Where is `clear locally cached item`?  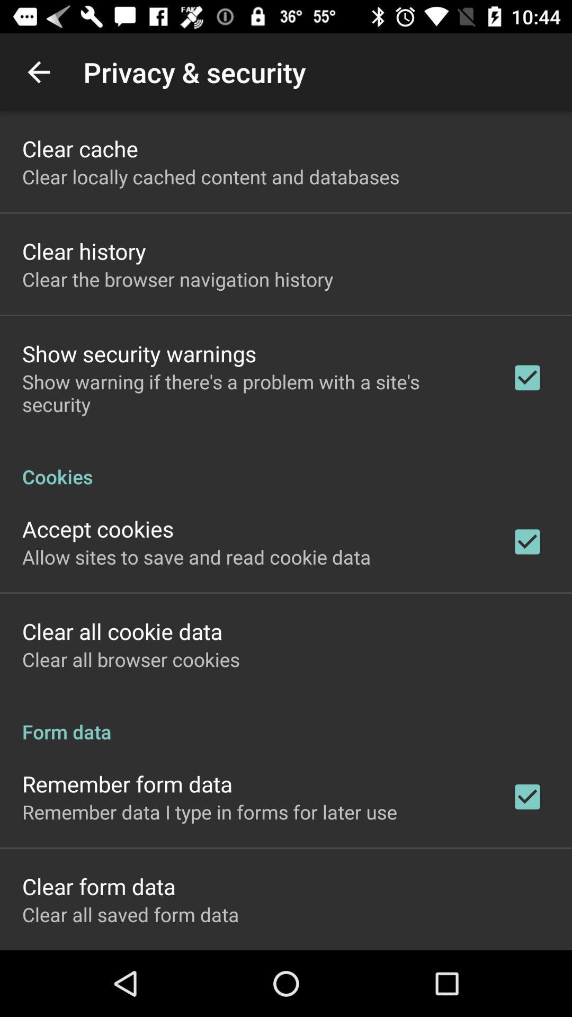 clear locally cached item is located at coordinates (211, 176).